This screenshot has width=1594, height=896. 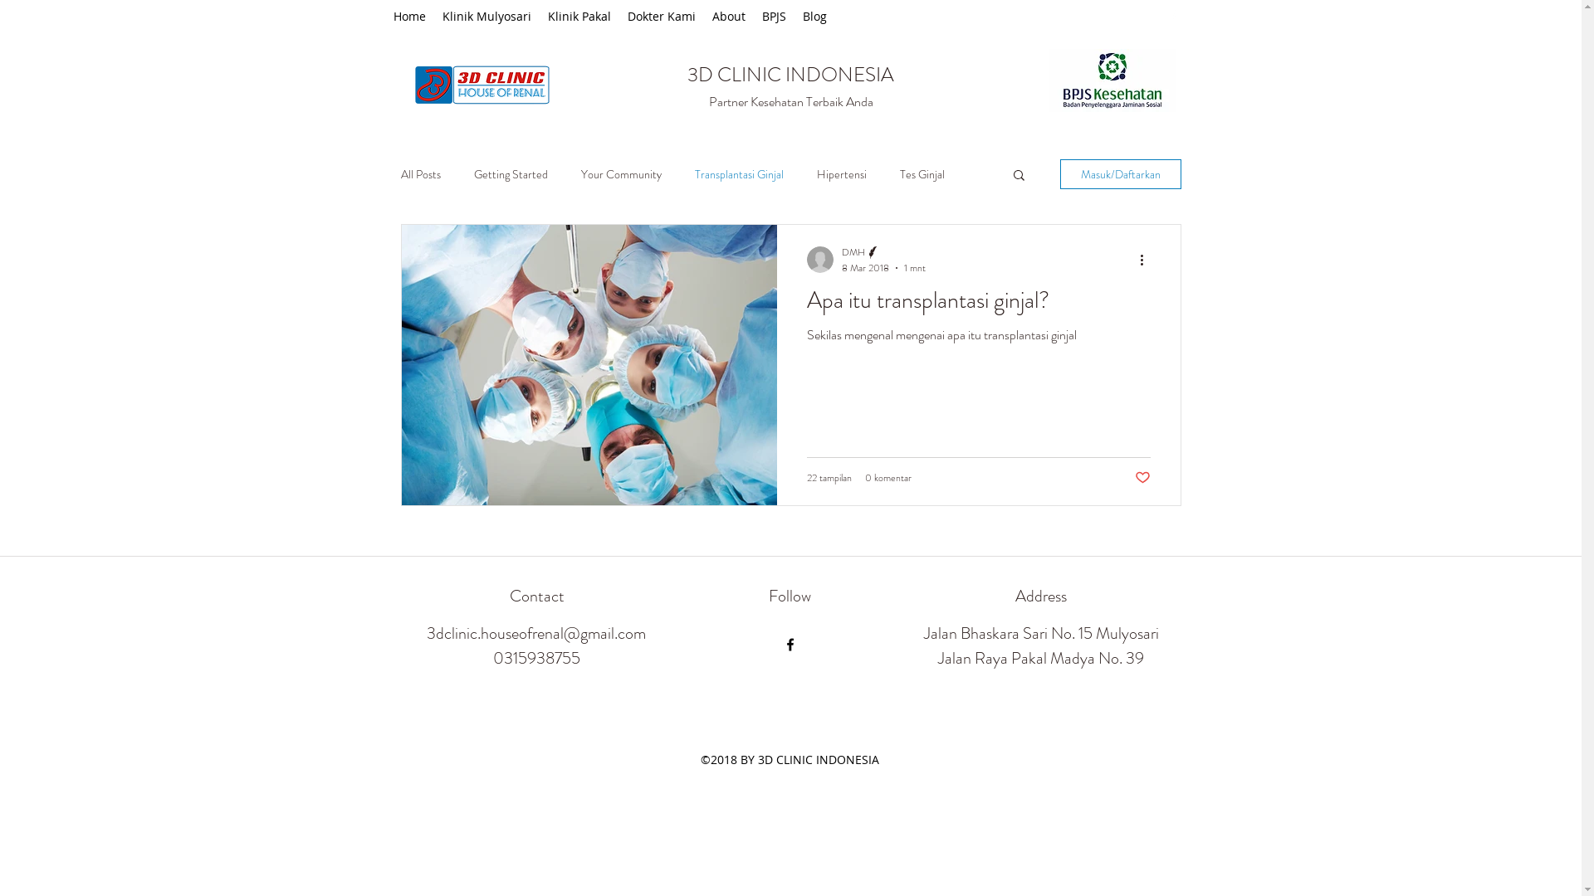 What do you see at coordinates (729, 16) in the screenshot?
I see `'About'` at bounding box center [729, 16].